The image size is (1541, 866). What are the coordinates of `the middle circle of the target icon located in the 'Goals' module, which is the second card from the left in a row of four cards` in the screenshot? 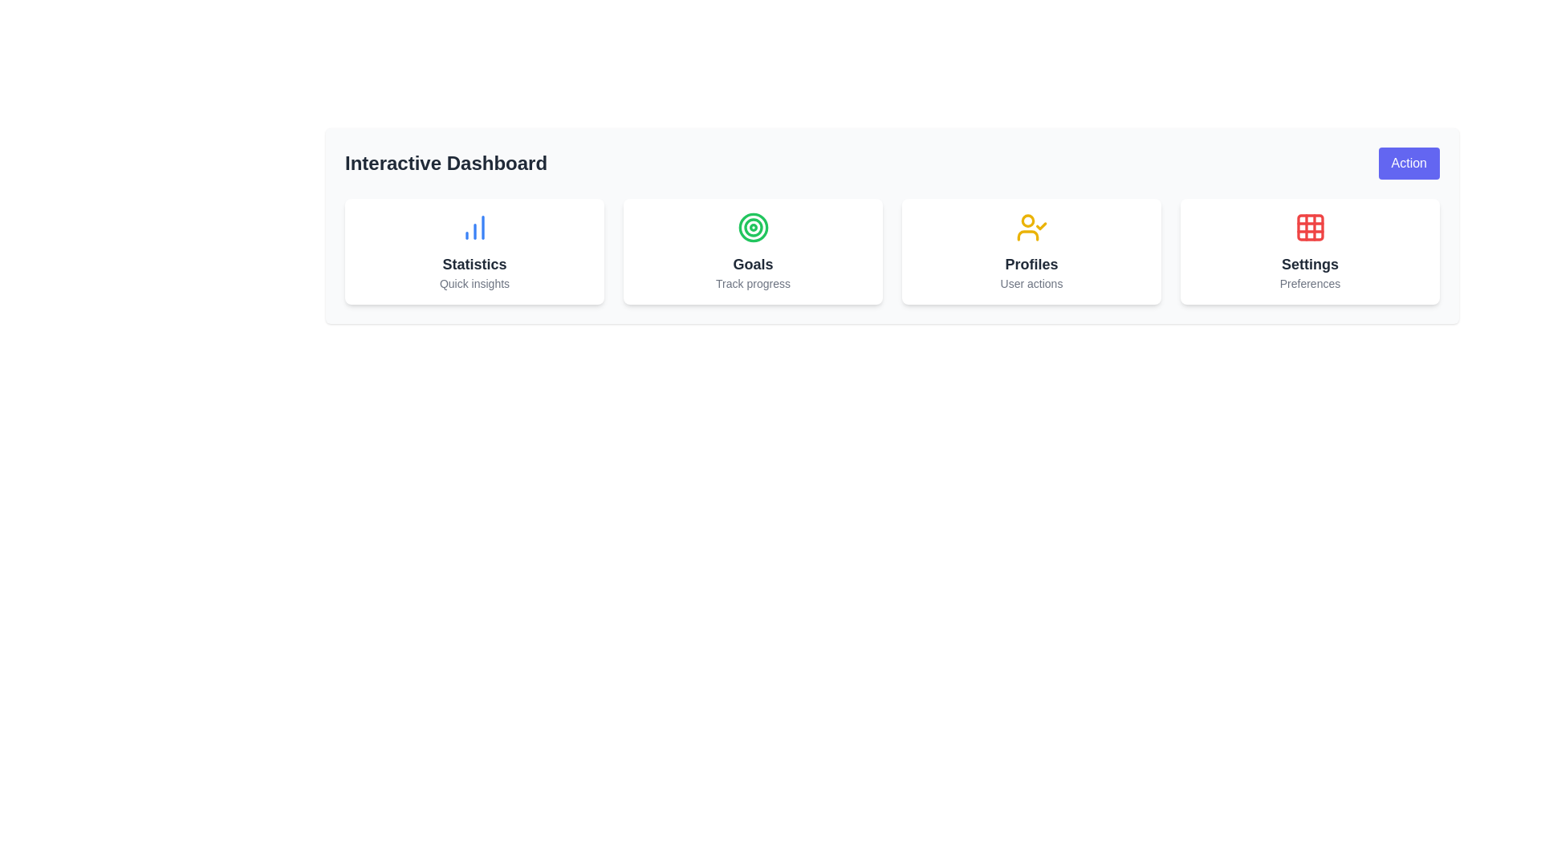 It's located at (752, 228).